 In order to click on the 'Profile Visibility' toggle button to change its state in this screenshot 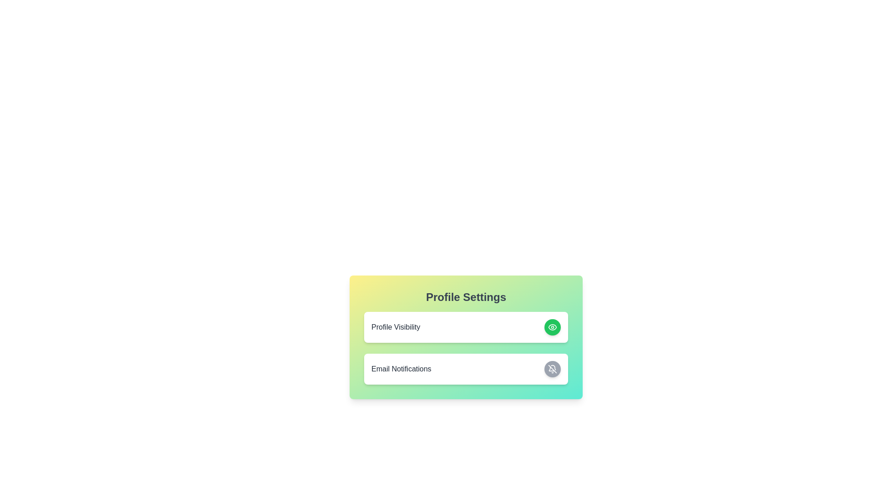, I will do `click(552, 327)`.